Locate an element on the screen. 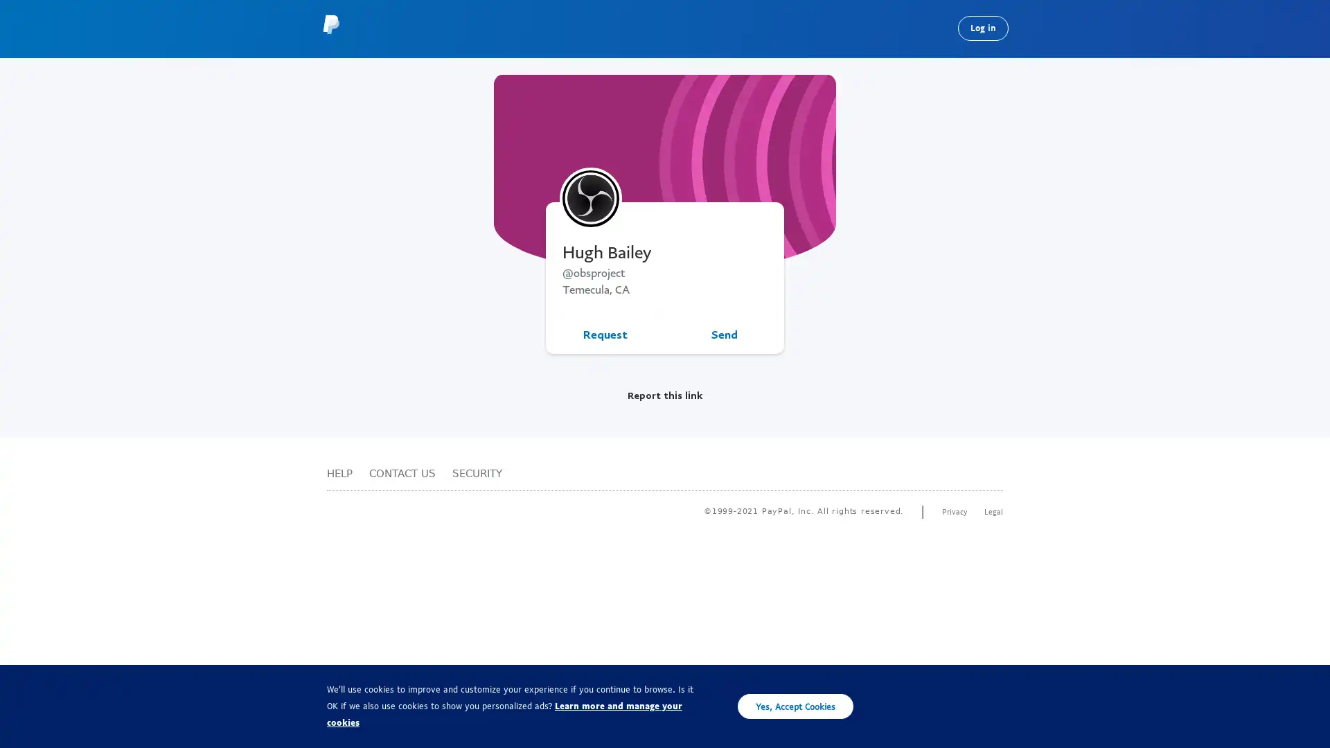 This screenshot has height=748, width=1330. Yes, Accept Cookies is located at coordinates (795, 706).